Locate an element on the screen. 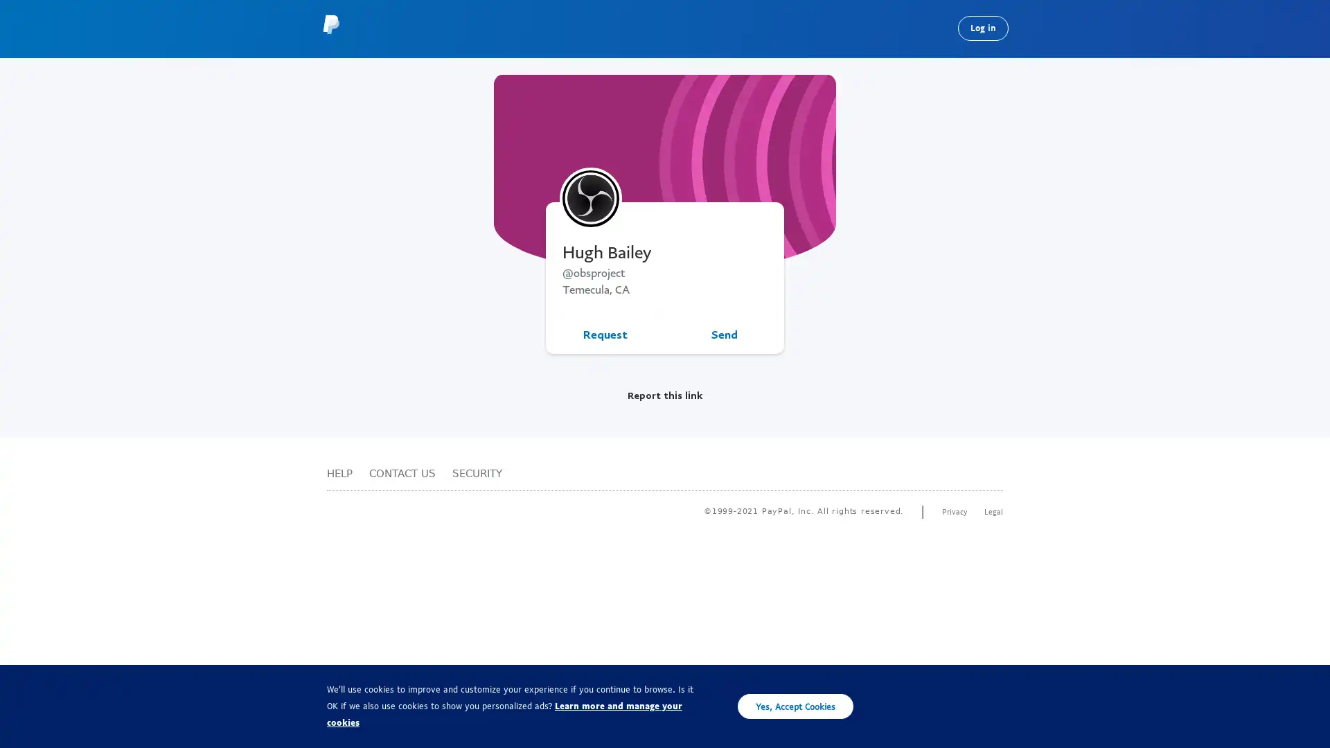 This screenshot has height=748, width=1330. Yes, Accept Cookies is located at coordinates (795, 706).